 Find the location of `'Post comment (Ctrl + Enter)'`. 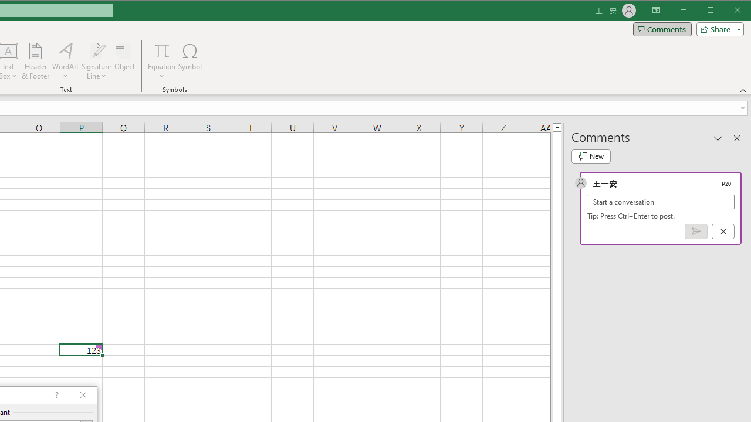

'Post comment (Ctrl + Enter)' is located at coordinates (696, 232).